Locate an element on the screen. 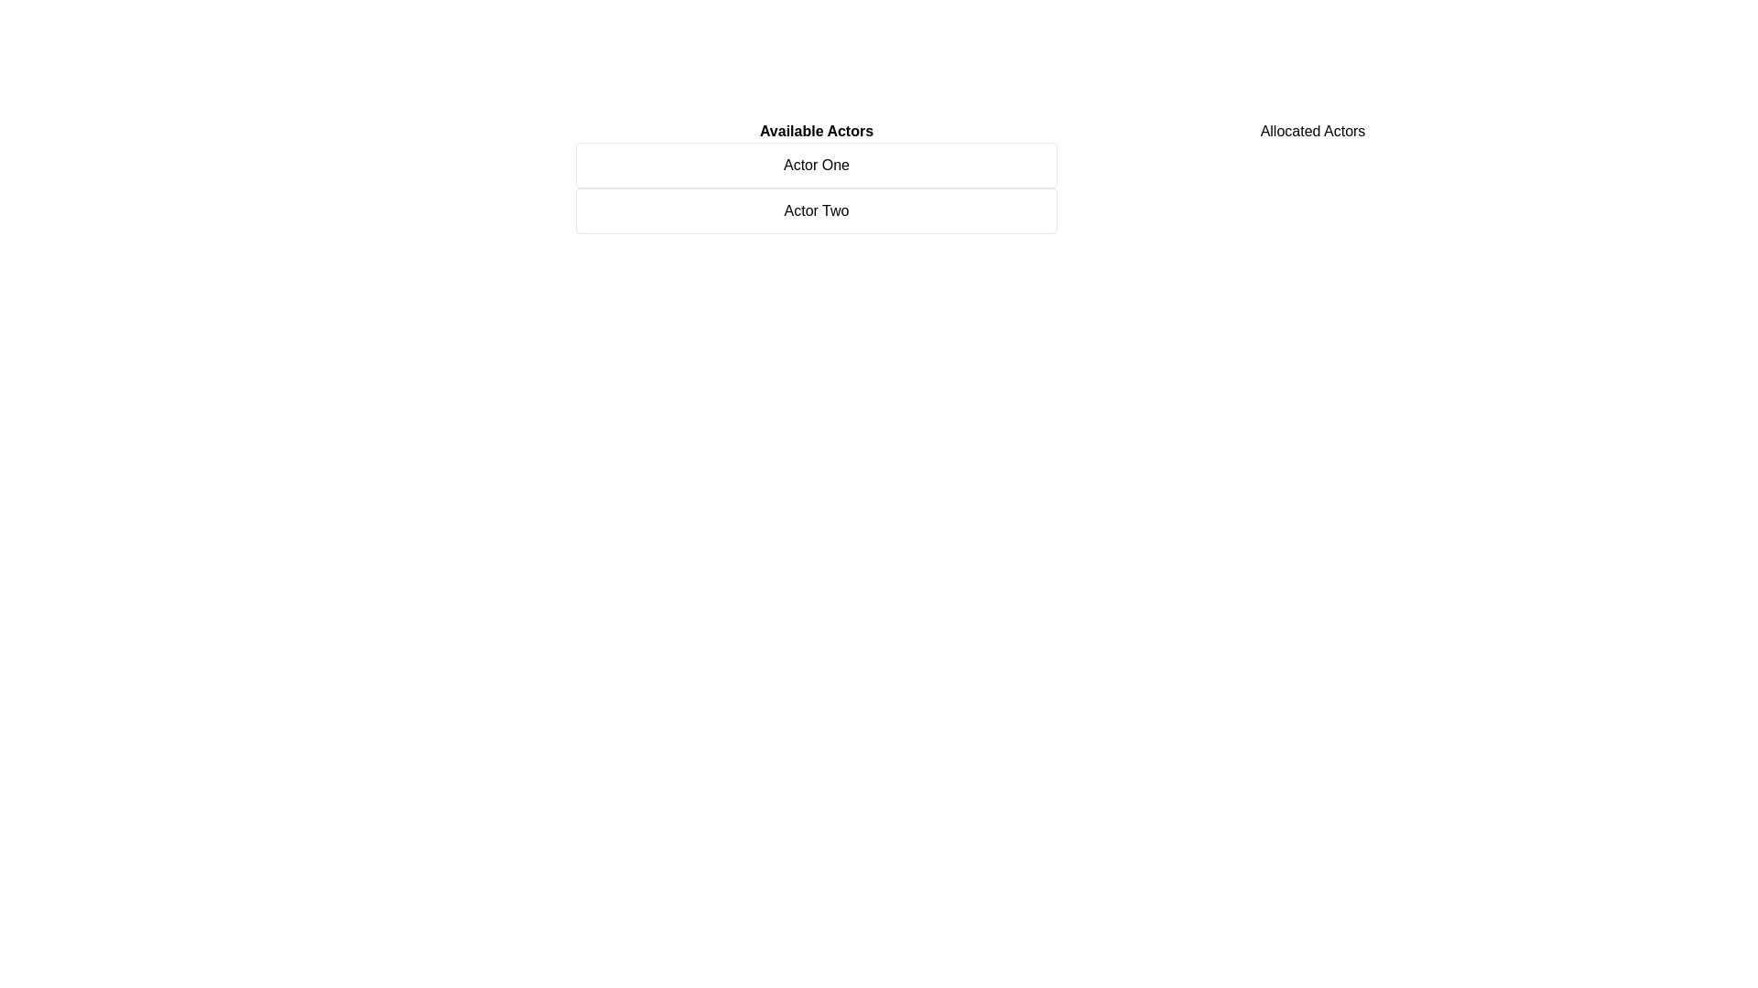 The width and height of the screenshot is (1758, 988). the 'Available Actors' section heading to inspect its details is located at coordinates (816, 130).